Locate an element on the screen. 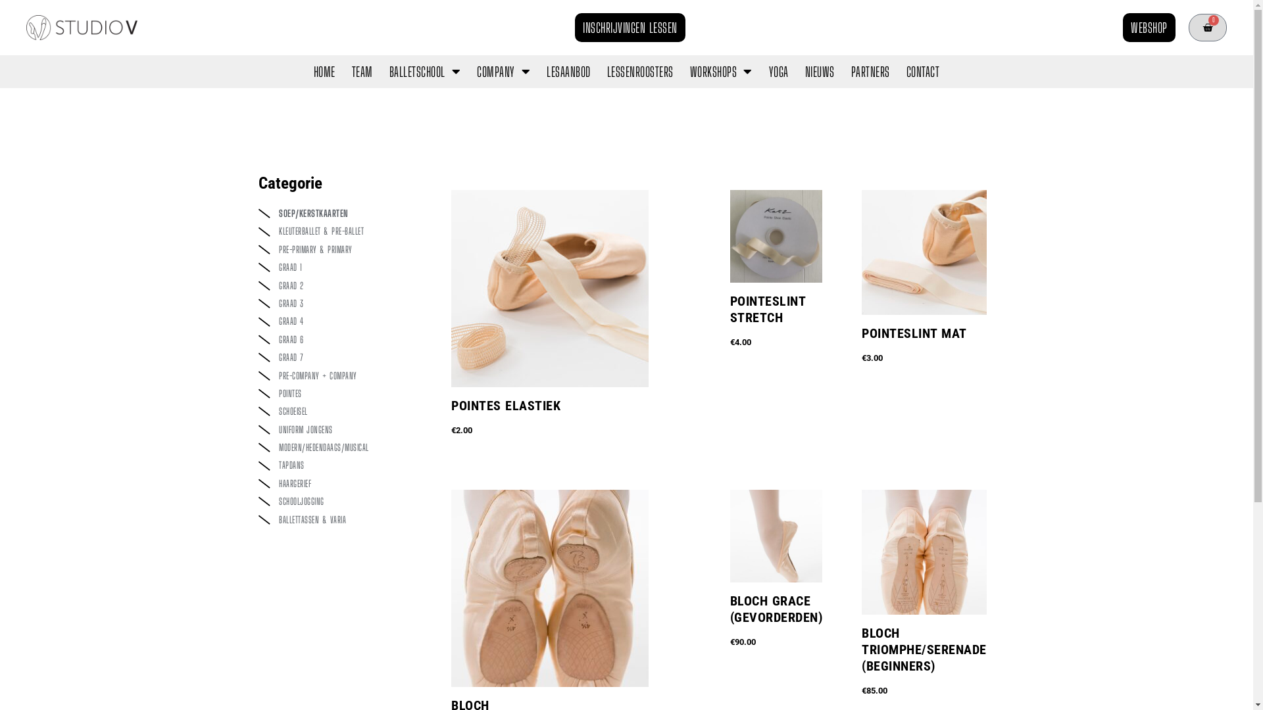  'WORKSHOPS' is located at coordinates (720, 71).